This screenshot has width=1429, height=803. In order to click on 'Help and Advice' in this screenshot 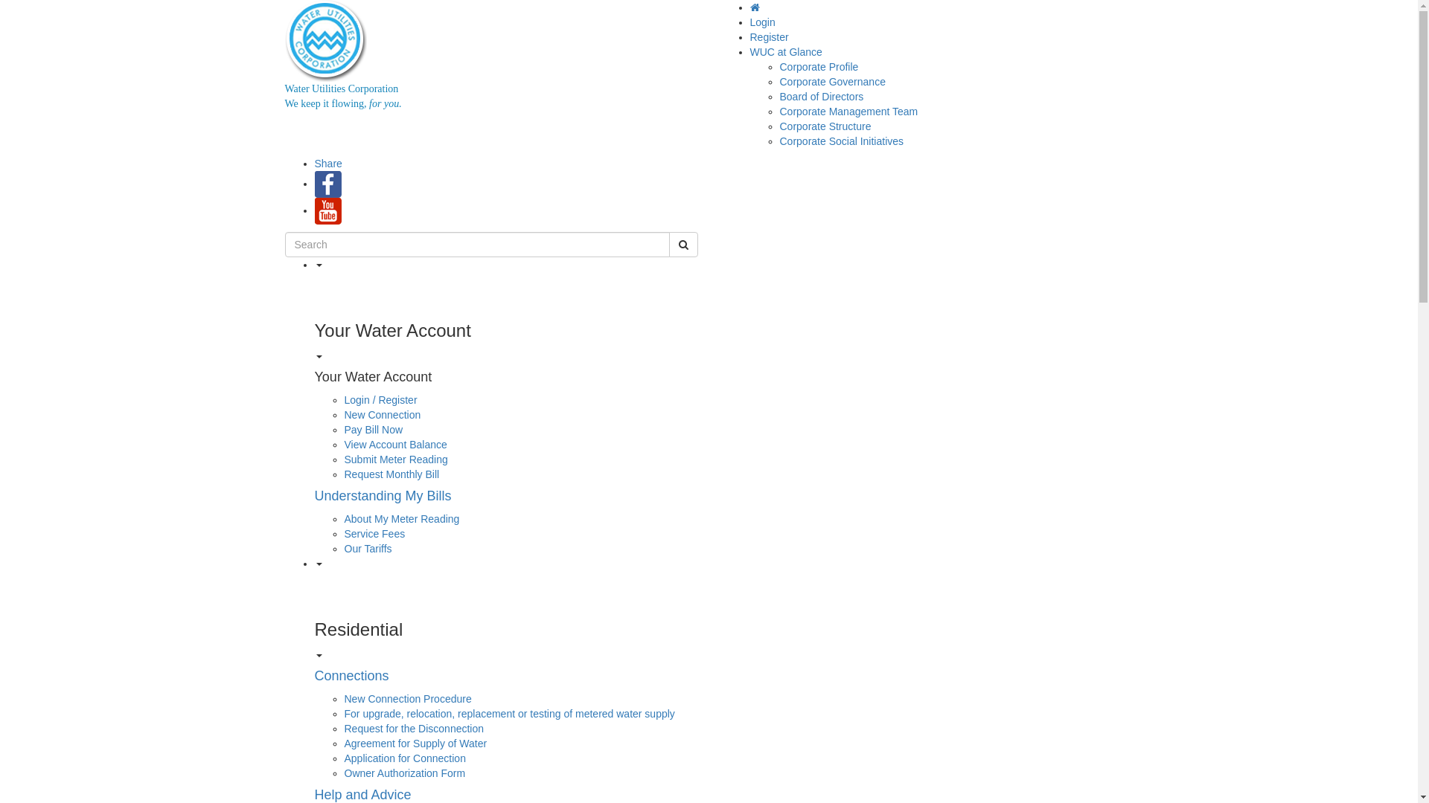, I will do `click(362, 793)`.